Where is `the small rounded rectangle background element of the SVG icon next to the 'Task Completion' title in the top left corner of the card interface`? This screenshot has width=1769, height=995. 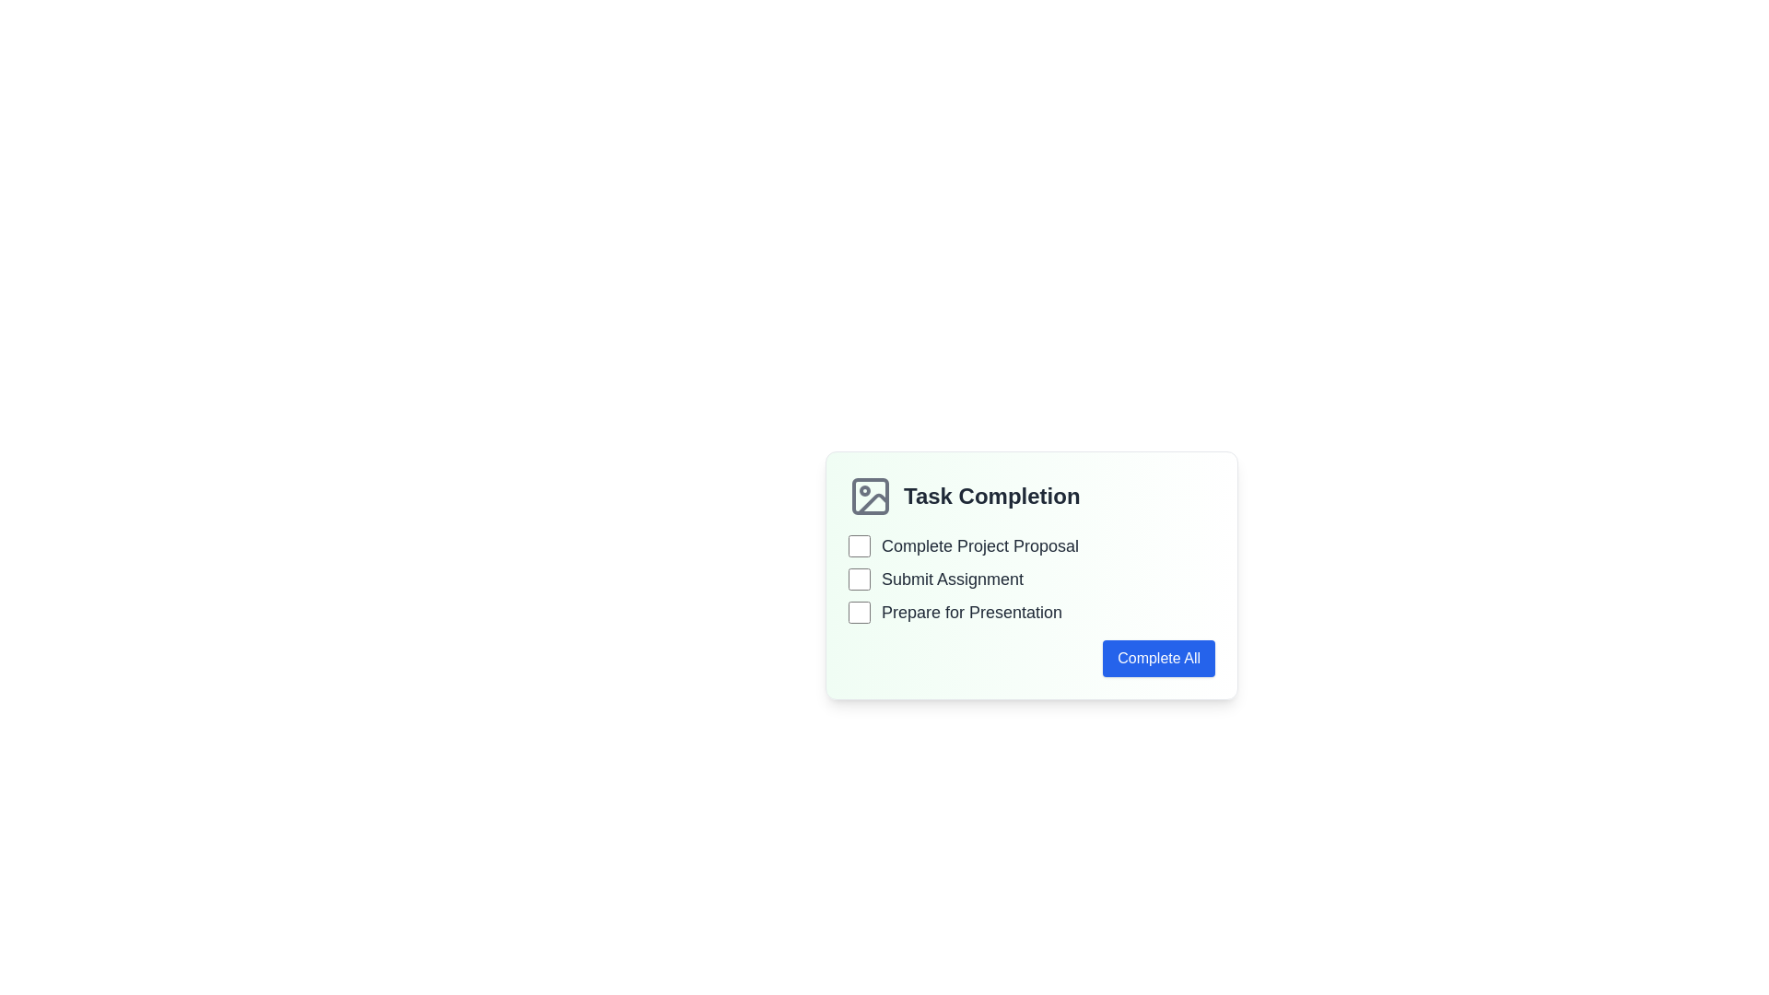
the small rounded rectangle background element of the SVG icon next to the 'Task Completion' title in the top left corner of the card interface is located at coordinates (870, 496).